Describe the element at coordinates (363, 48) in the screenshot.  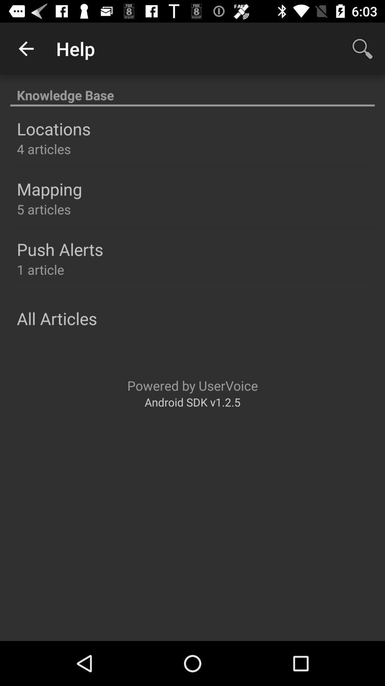
I see `the app to the right of help icon` at that location.